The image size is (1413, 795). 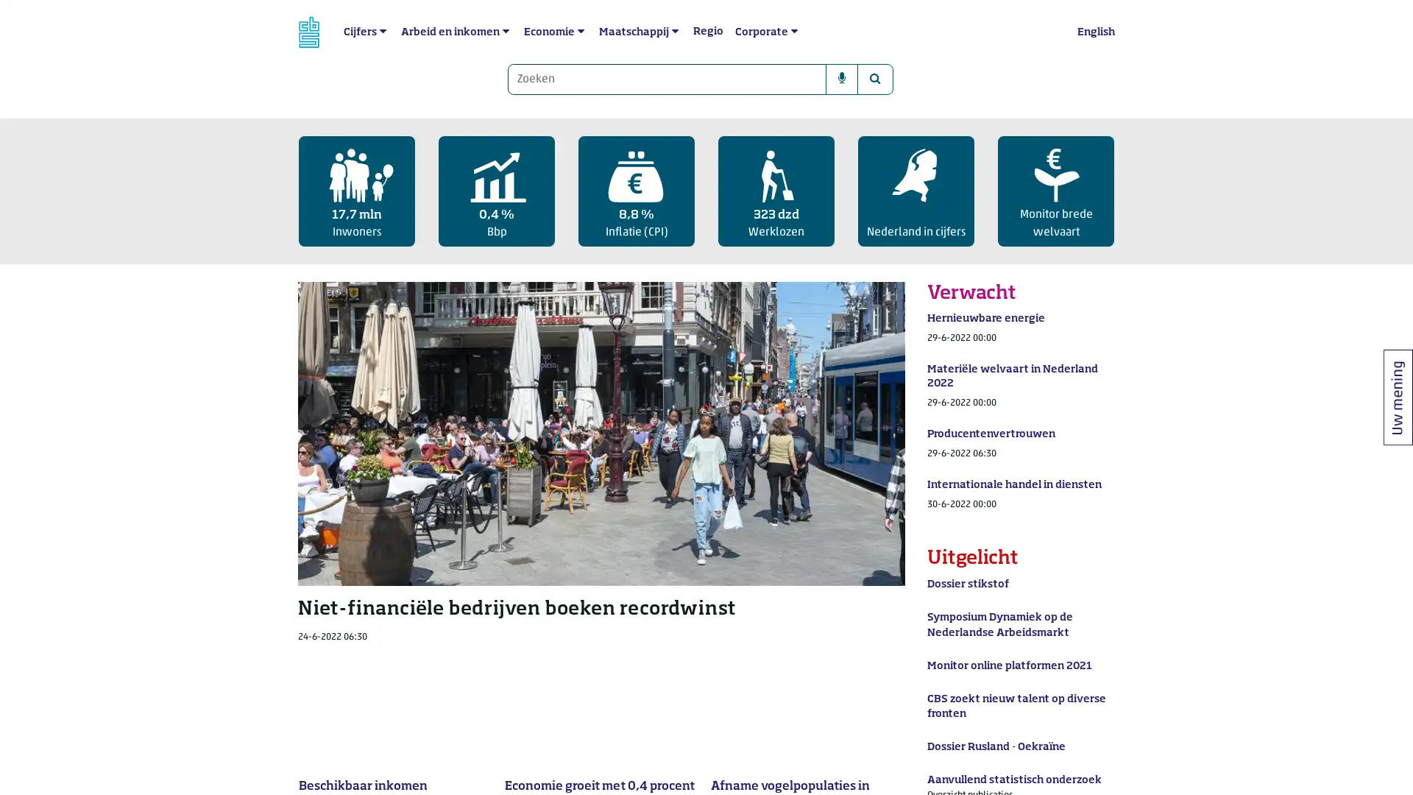 I want to click on submenu Economie, so click(x=580, y=31).